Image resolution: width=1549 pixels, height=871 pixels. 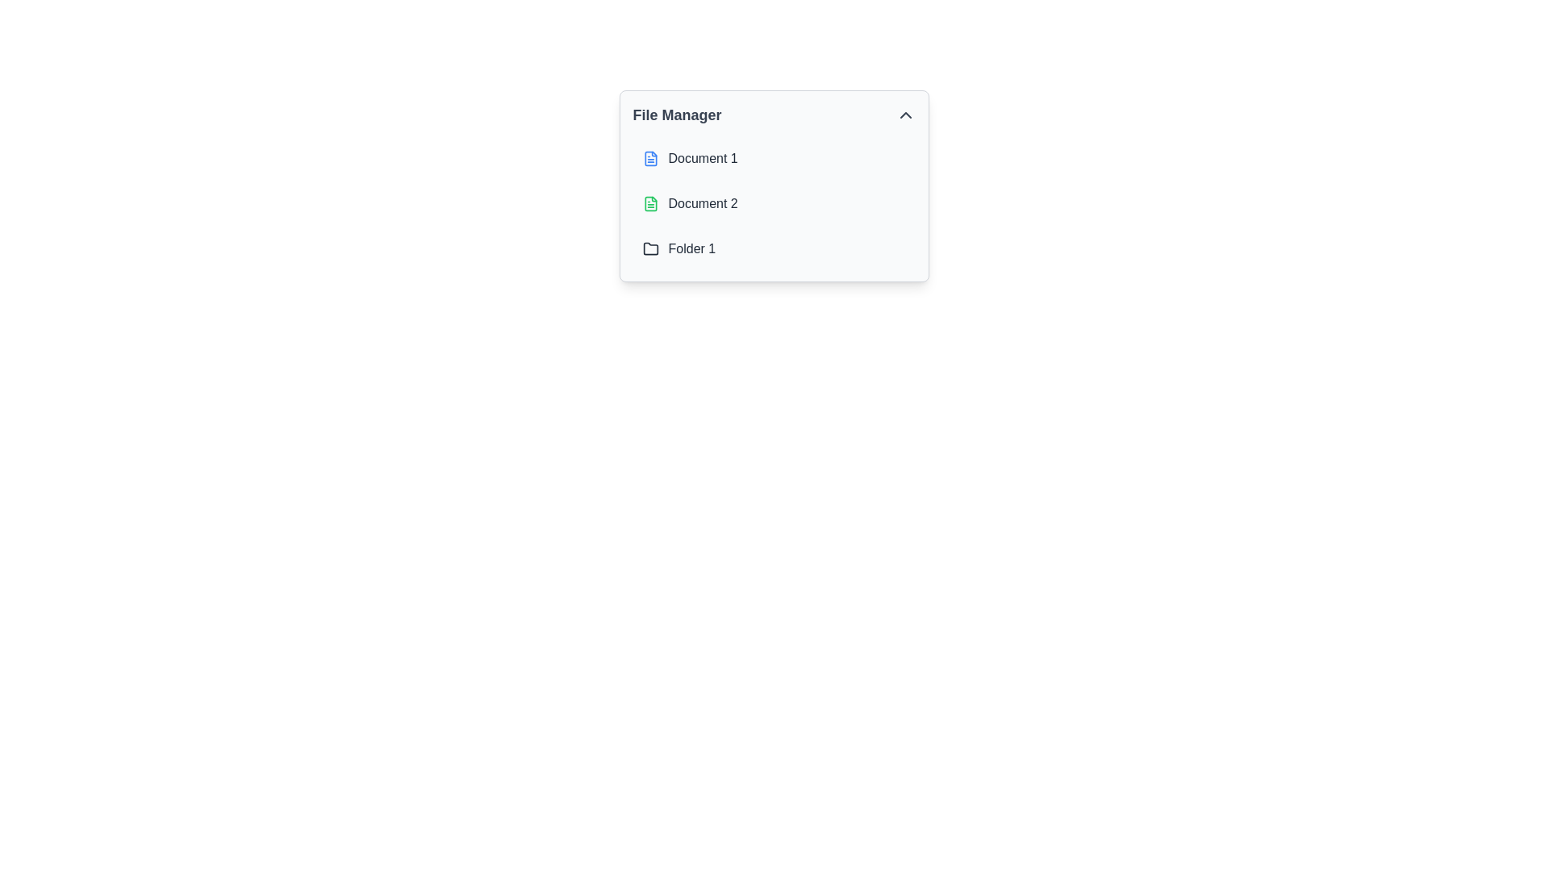 I want to click on the chevron icon located at the far right of the header bar containing 'File Manager', so click(x=905, y=114).